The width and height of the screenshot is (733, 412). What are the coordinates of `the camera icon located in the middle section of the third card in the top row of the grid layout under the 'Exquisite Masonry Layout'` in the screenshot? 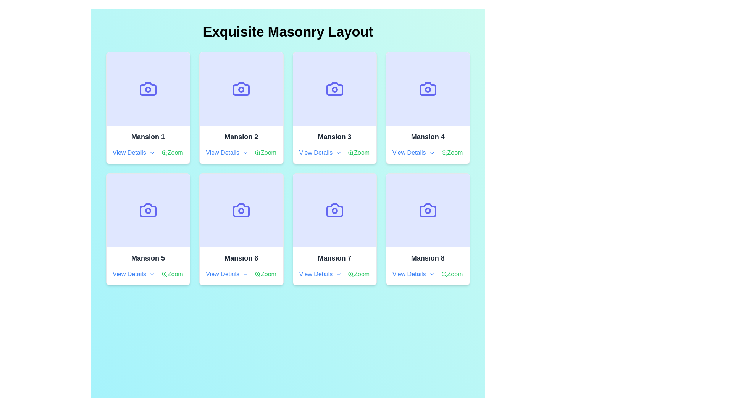 It's located at (334, 88).